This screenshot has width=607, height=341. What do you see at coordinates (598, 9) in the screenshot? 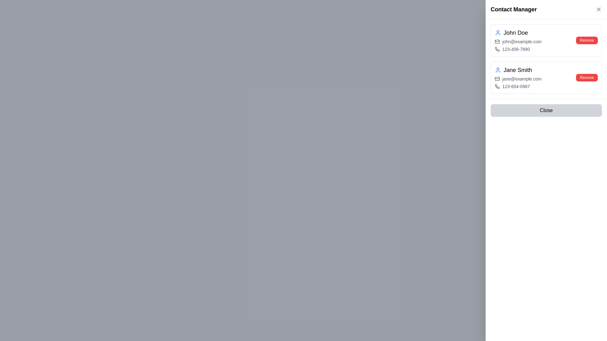
I see `the small 'close' icon featuring an 'X' glyph located at the top-right corner of the header section` at bounding box center [598, 9].